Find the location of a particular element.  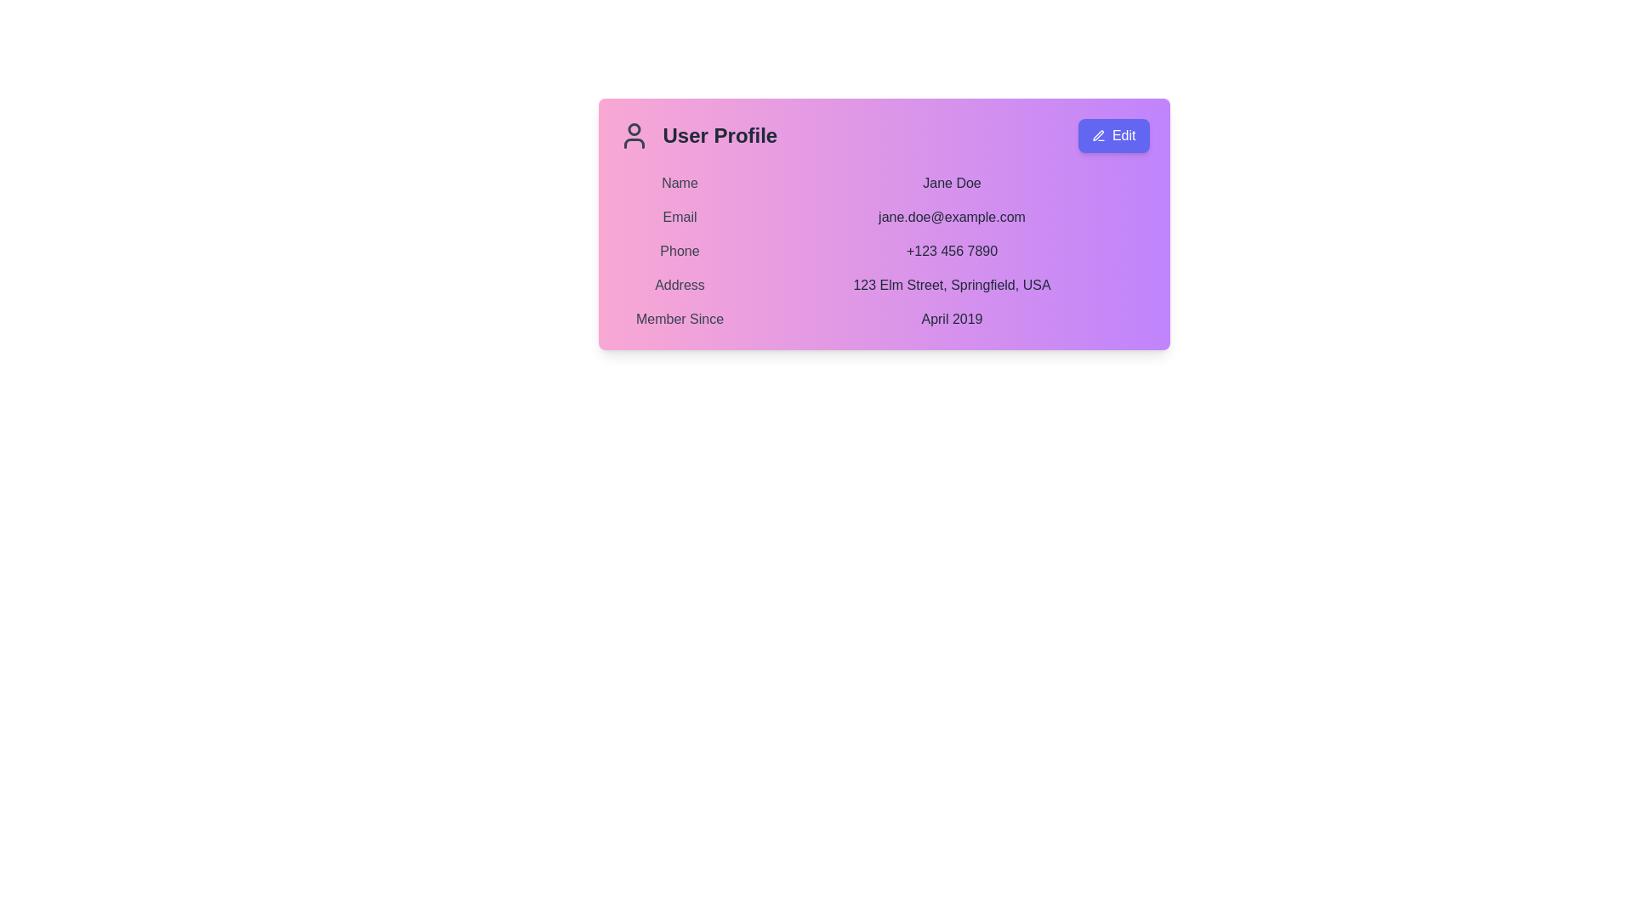

the 'Edit' button located in the top-right corner of the 'User Profile' section is located at coordinates (1113, 134).